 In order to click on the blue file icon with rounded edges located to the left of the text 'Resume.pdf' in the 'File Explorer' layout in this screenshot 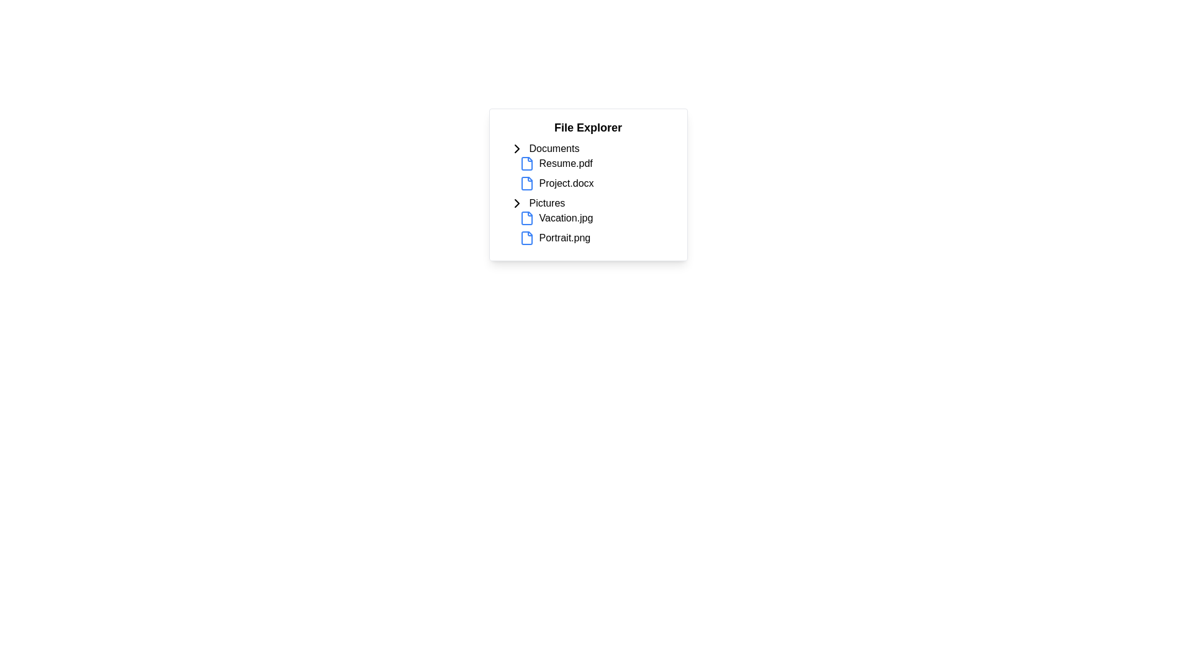, I will do `click(526, 163)`.